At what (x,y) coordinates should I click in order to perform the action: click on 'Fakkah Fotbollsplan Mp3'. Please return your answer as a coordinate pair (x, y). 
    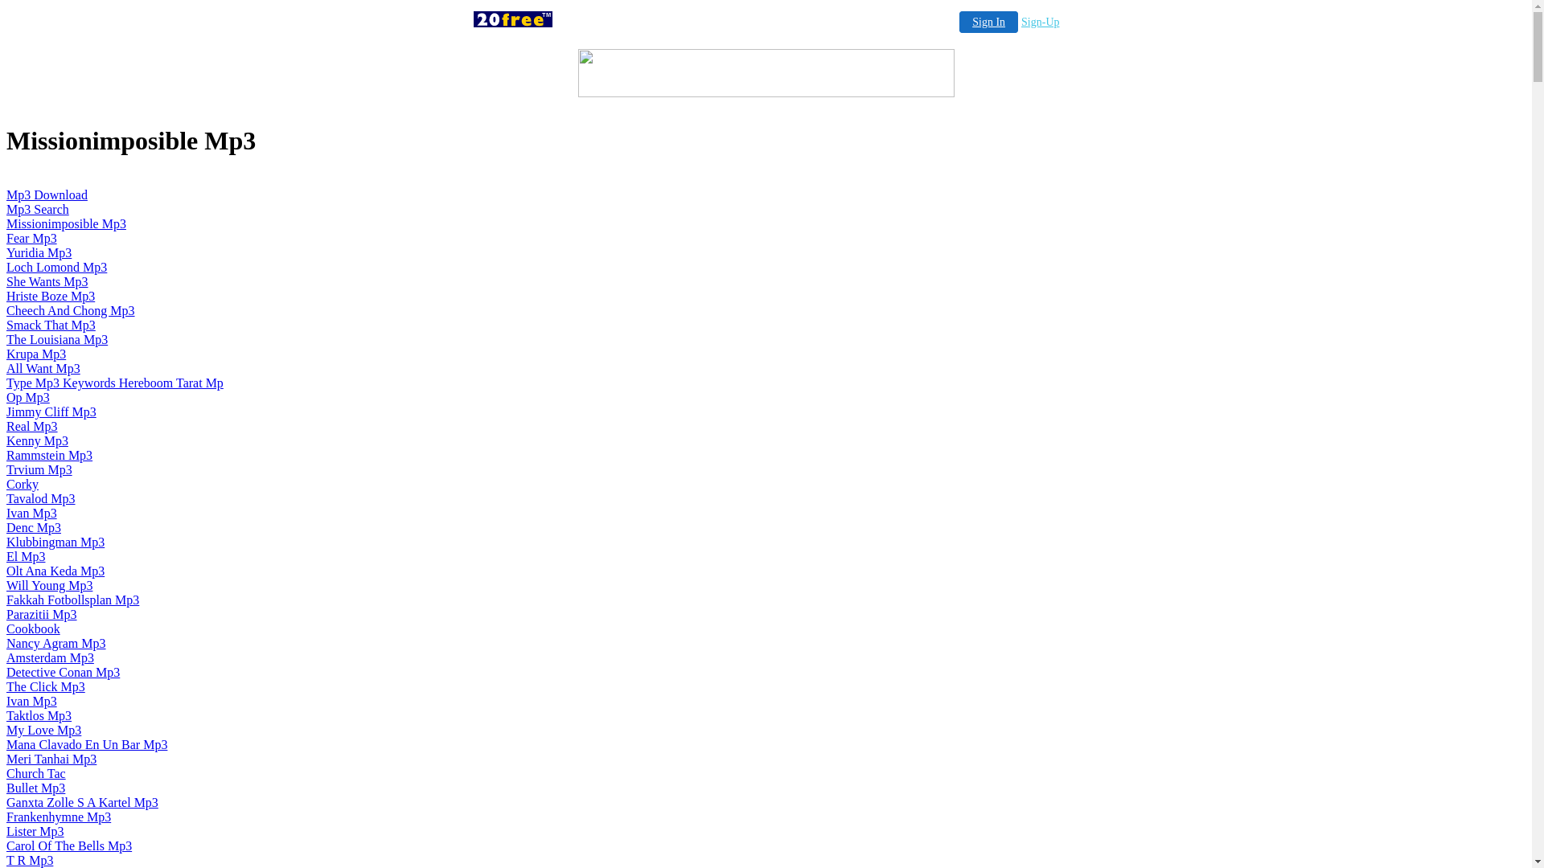
    Looking at the image, I should click on (72, 600).